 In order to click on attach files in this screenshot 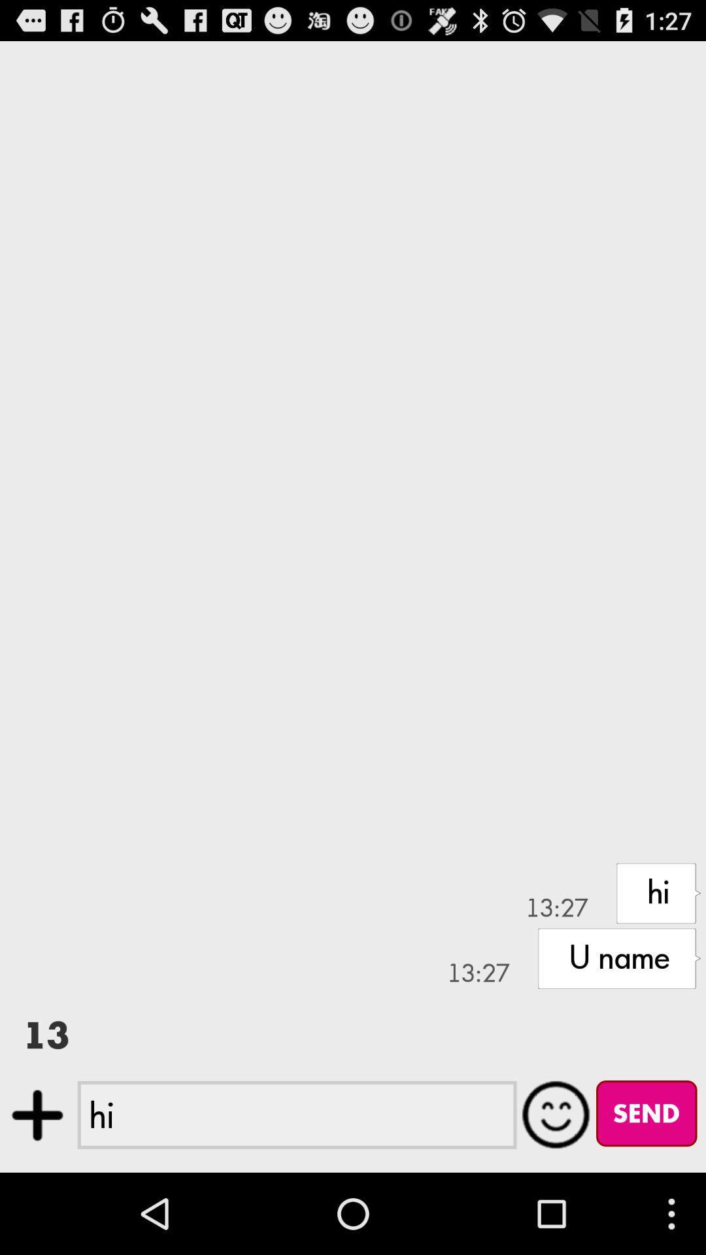, I will do `click(37, 1114)`.